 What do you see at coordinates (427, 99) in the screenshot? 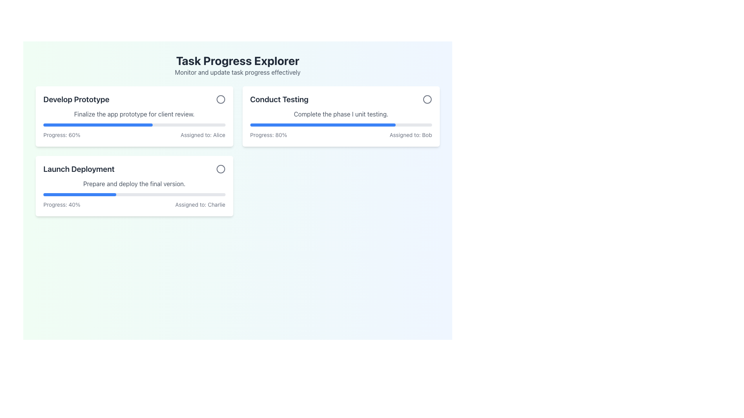
I see `the circular icon located in the upper-right corner of the 'Conduct Testing' card to interact with it` at bounding box center [427, 99].